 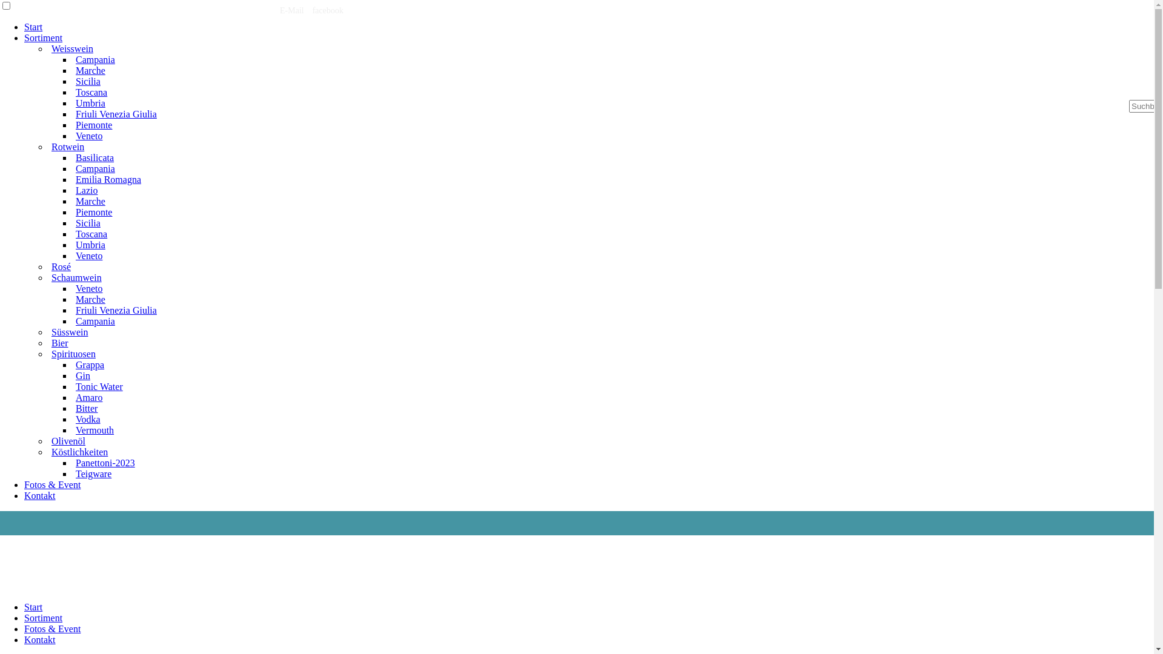 I want to click on 'Basilicata', so click(x=94, y=157).